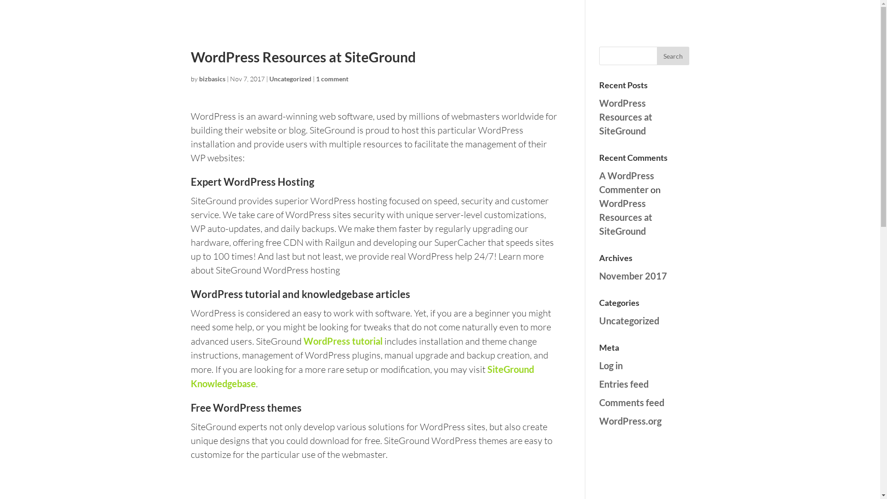  What do you see at coordinates (268, 182) in the screenshot?
I see `'WordPress Hosting'` at bounding box center [268, 182].